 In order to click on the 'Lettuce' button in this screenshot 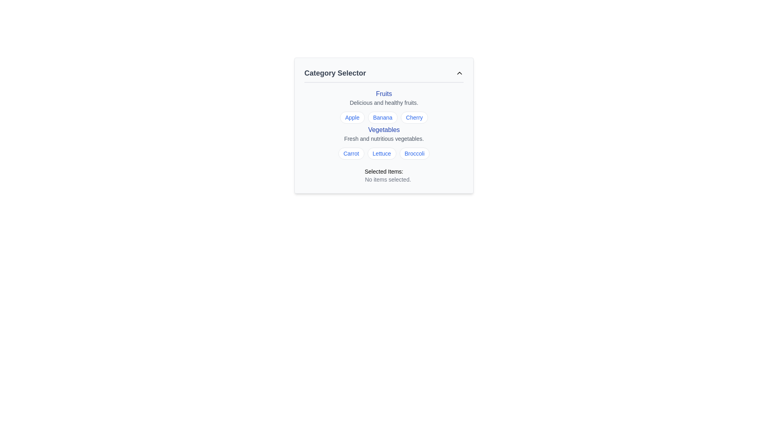, I will do `click(381, 154)`.